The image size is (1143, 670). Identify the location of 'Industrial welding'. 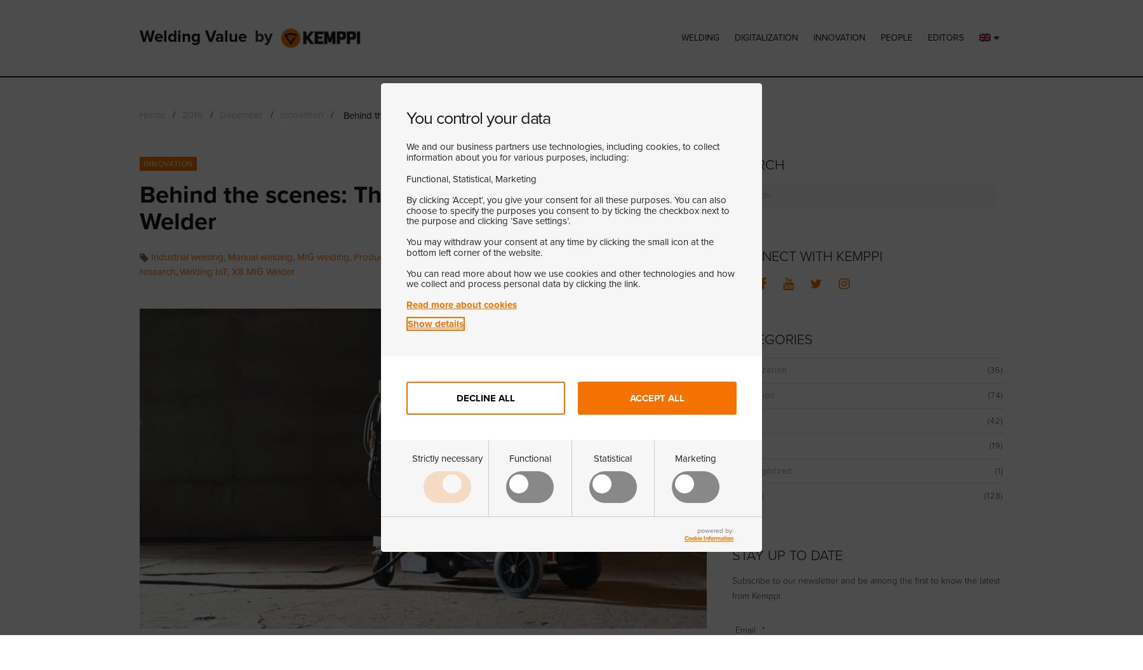
(187, 256).